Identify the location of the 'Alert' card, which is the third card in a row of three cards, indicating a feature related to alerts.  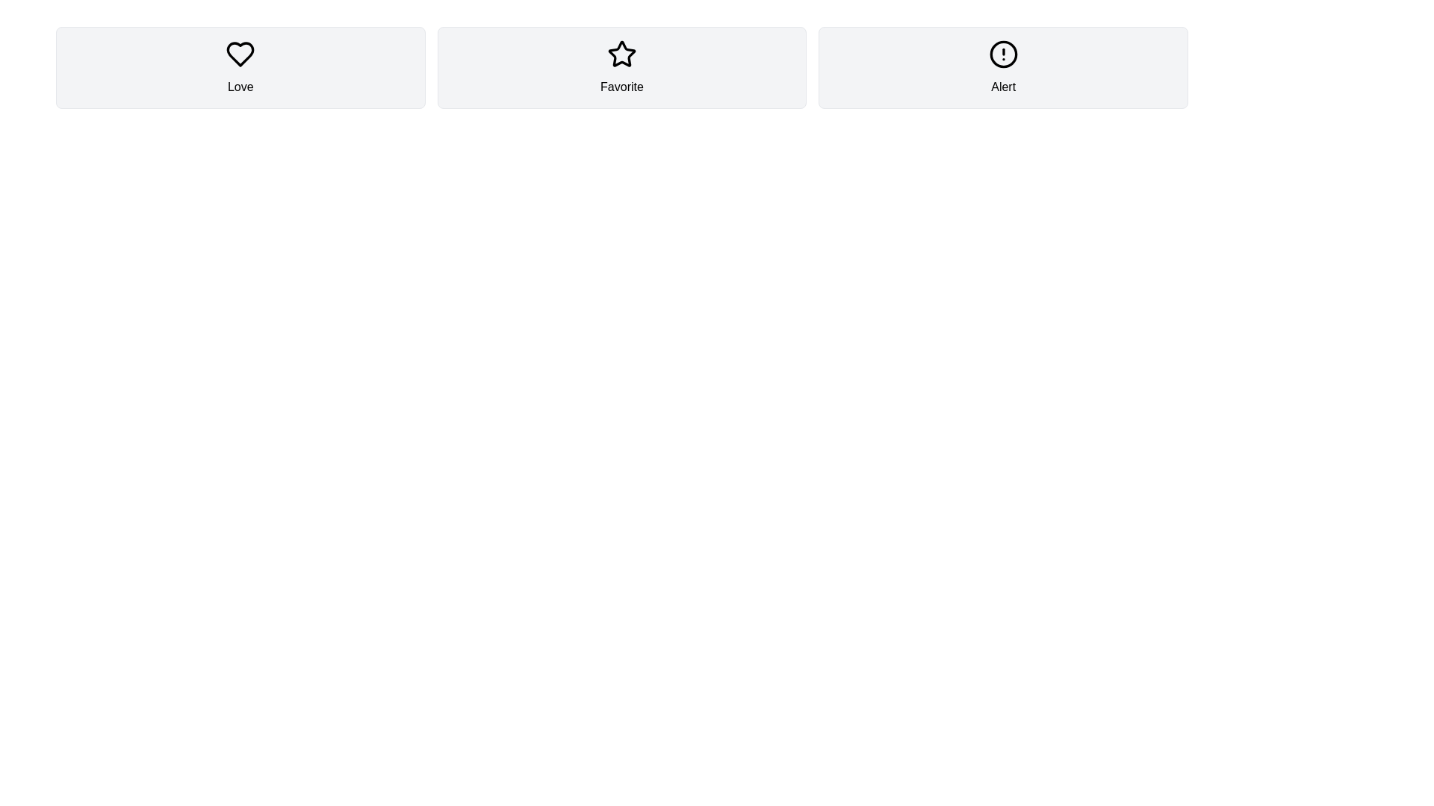
(1003, 68).